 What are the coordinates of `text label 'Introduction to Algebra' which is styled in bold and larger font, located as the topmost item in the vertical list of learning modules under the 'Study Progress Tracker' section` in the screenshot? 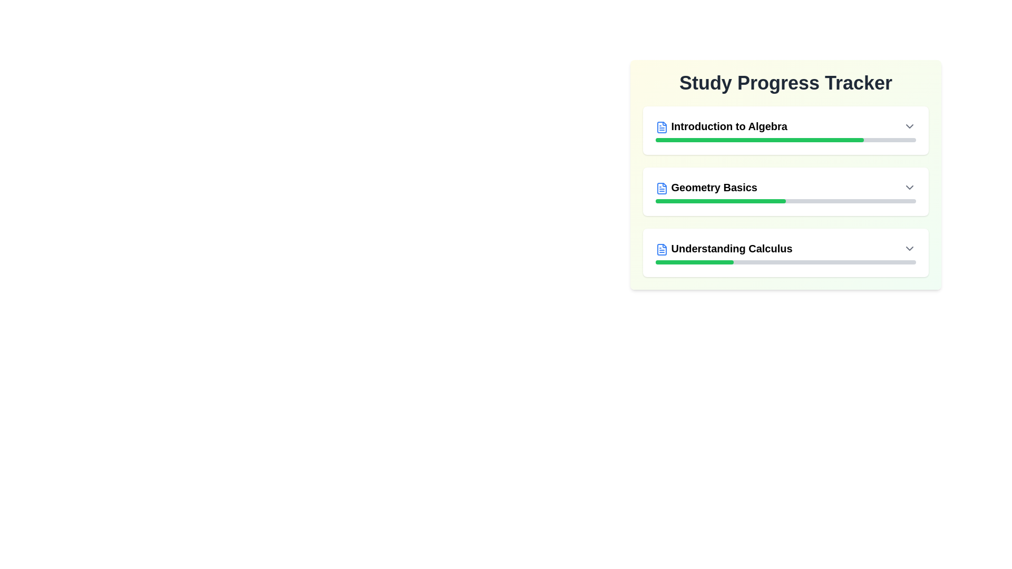 It's located at (721, 125).